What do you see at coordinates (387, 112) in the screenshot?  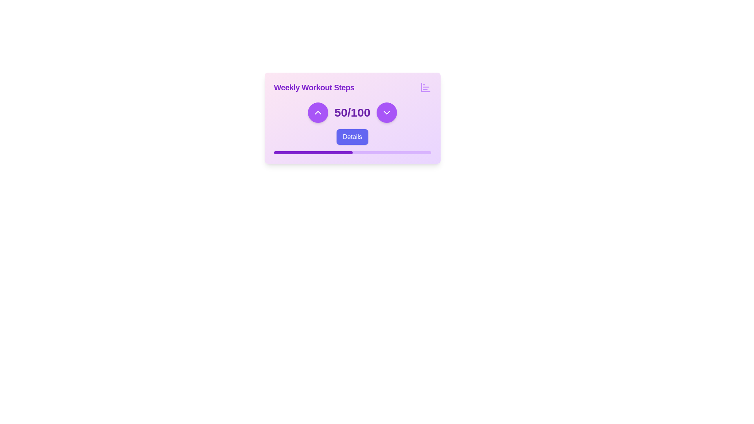 I see `the circular button with a purple background and a downward chevron icon` at bounding box center [387, 112].